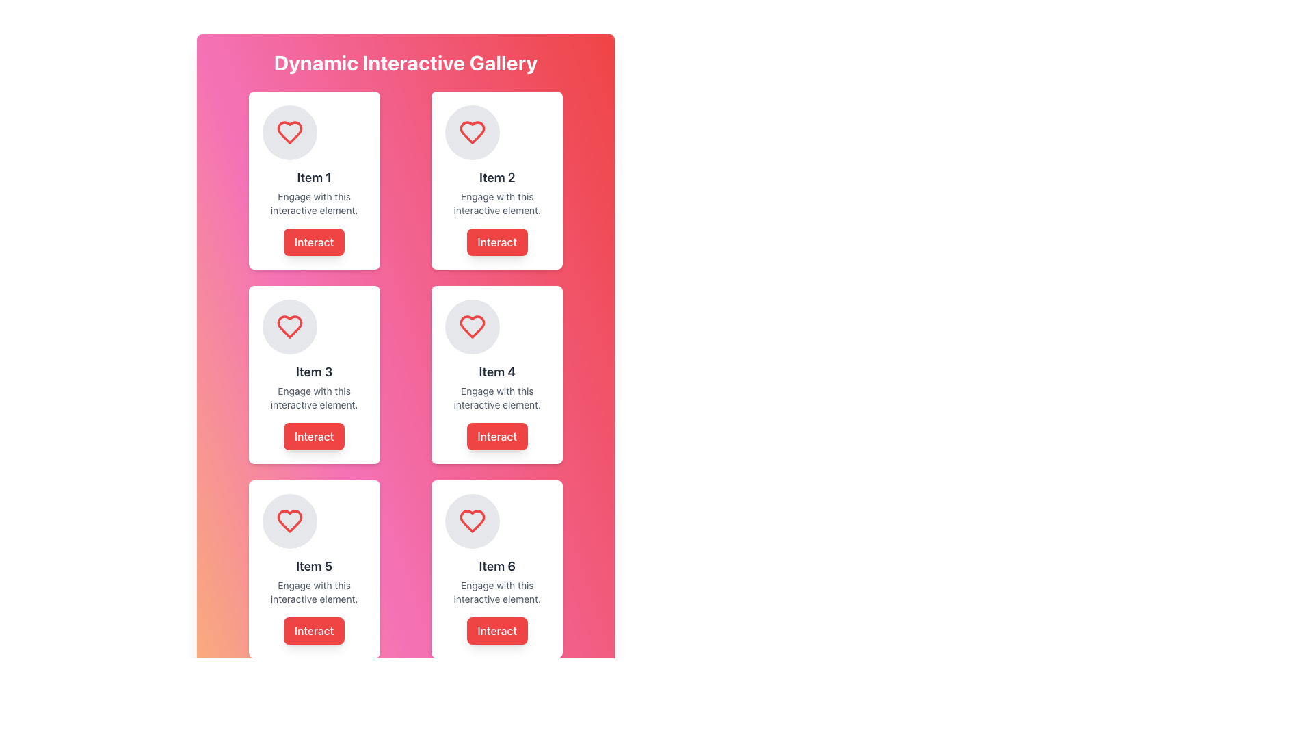 This screenshot has height=739, width=1313. What do you see at coordinates (473, 521) in the screenshot?
I see `the heart-shaped icon with an envelope design located within the card labeled 'Item 6'` at bounding box center [473, 521].